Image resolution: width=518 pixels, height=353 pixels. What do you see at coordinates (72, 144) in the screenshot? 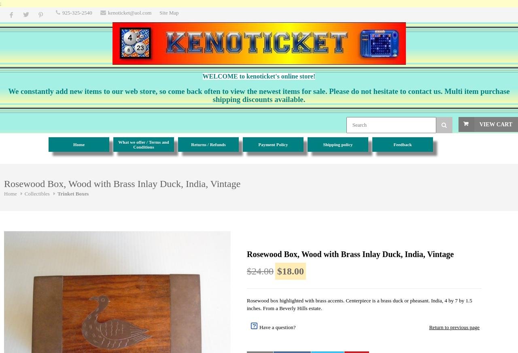
I see `'Home'` at bounding box center [72, 144].